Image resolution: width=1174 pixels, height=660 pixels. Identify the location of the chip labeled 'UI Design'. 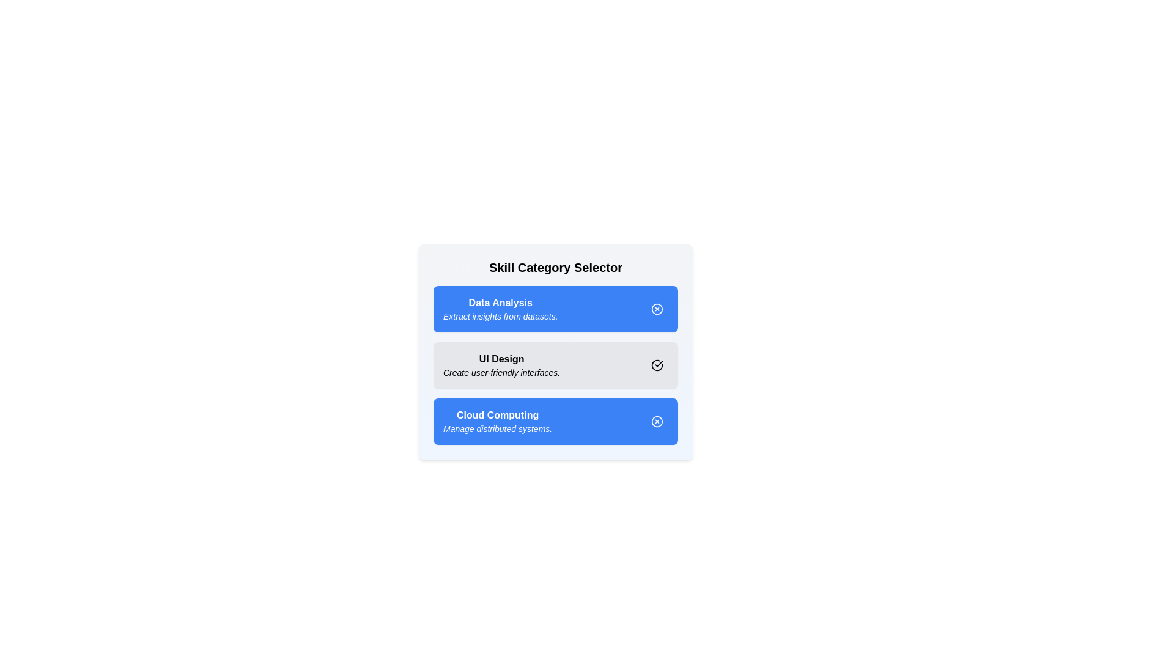
(657, 364).